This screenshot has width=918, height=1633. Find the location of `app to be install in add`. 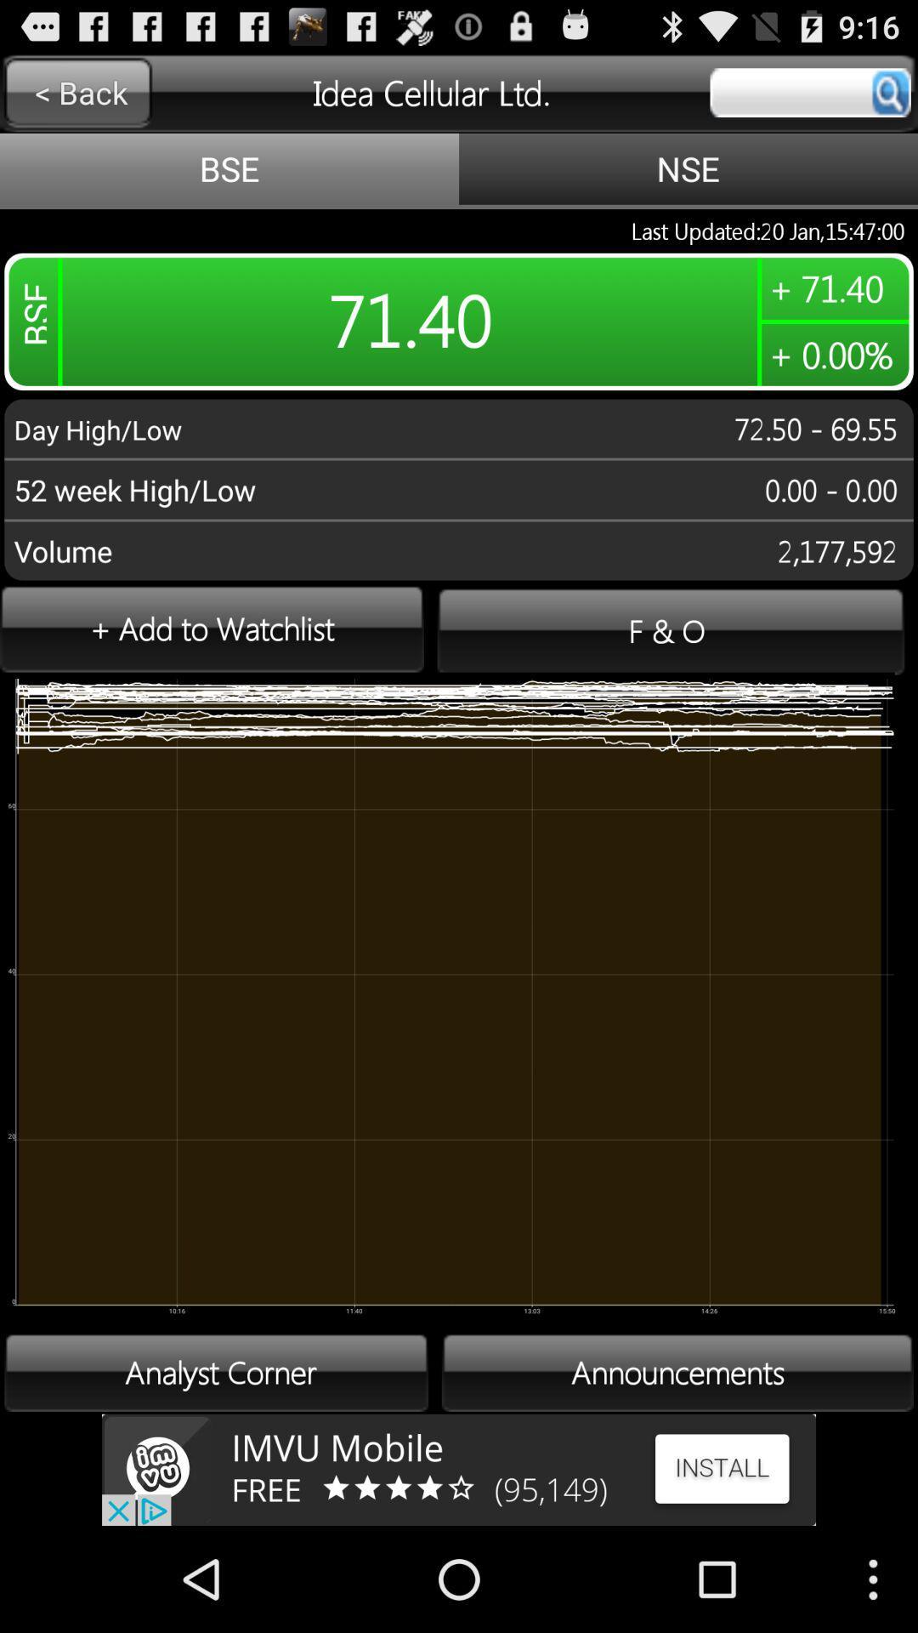

app to be install in add is located at coordinates (459, 1469).